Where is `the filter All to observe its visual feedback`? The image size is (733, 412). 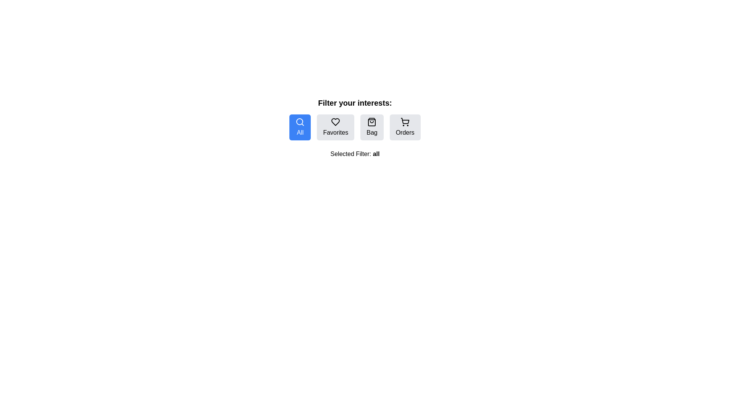 the filter All to observe its visual feedback is located at coordinates (300, 127).